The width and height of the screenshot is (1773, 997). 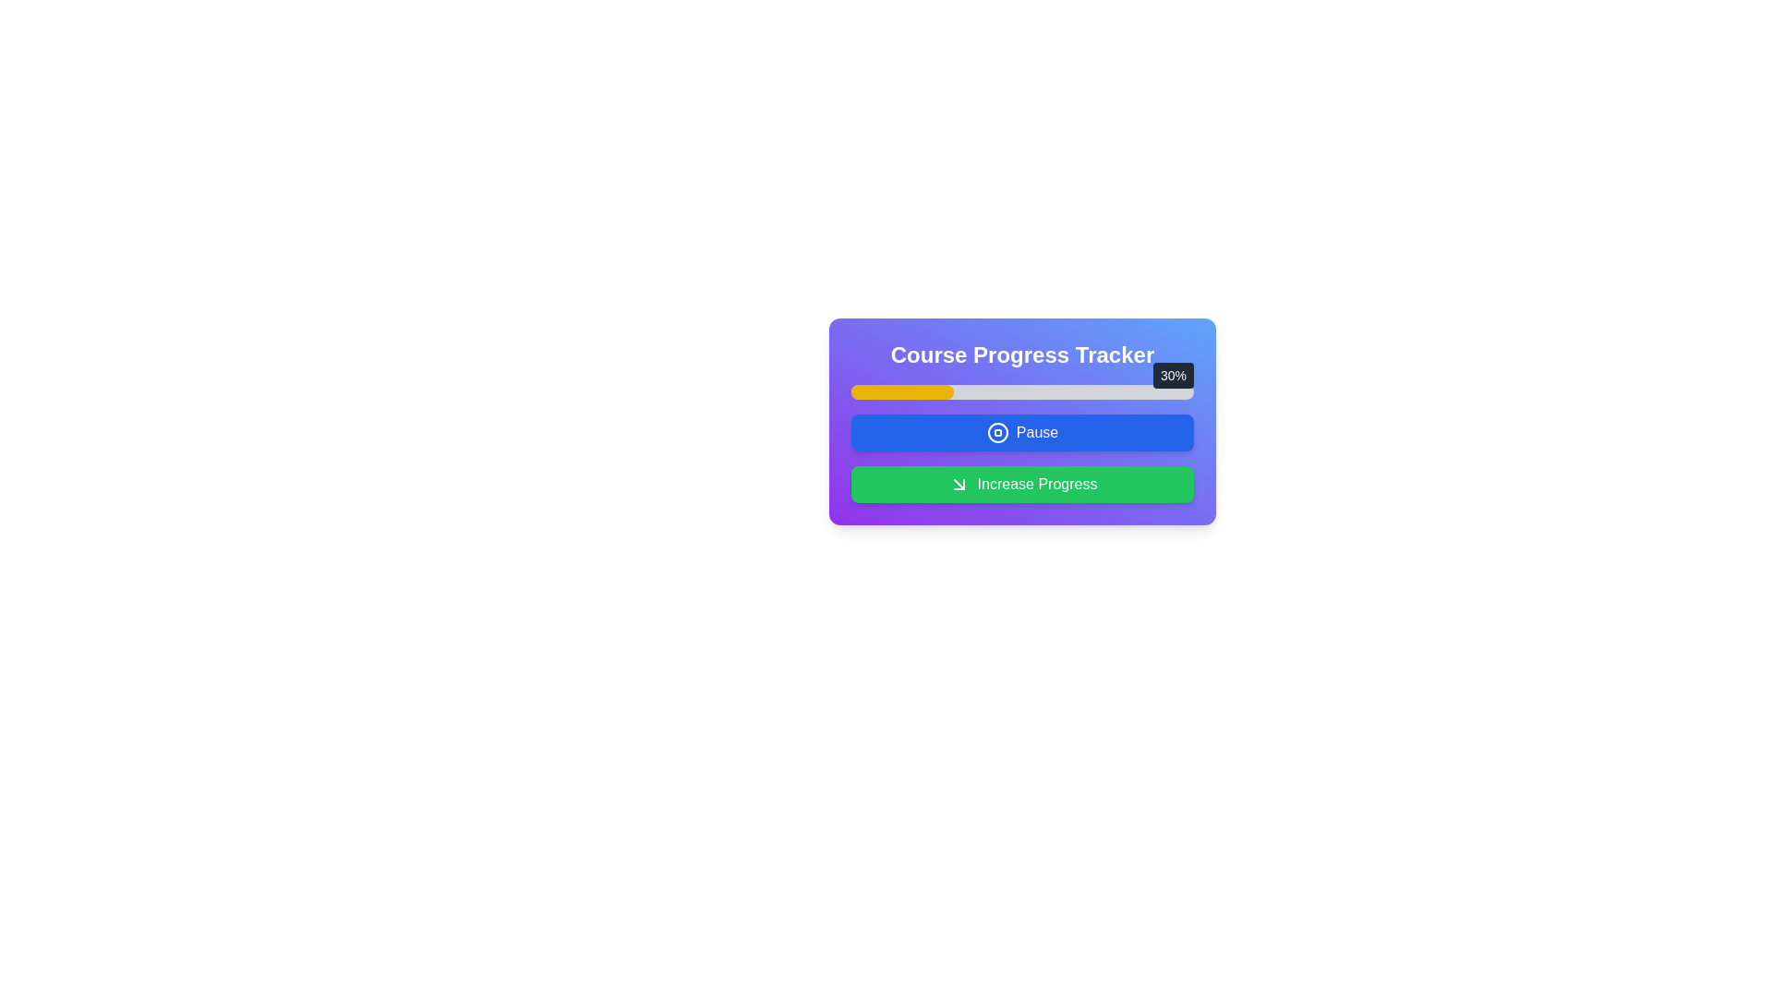 I want to click on the green button labeled 'Increase Progress', so click(x=1021, y=483).